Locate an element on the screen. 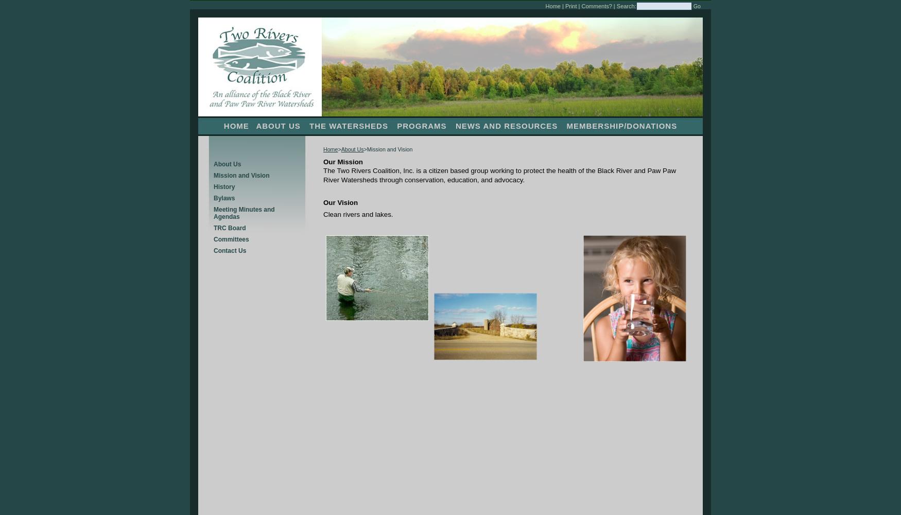 Image resolution: width=901 pixels, height=515 pixels. 'Death of a Lake' is located at coordinates (24, 6).